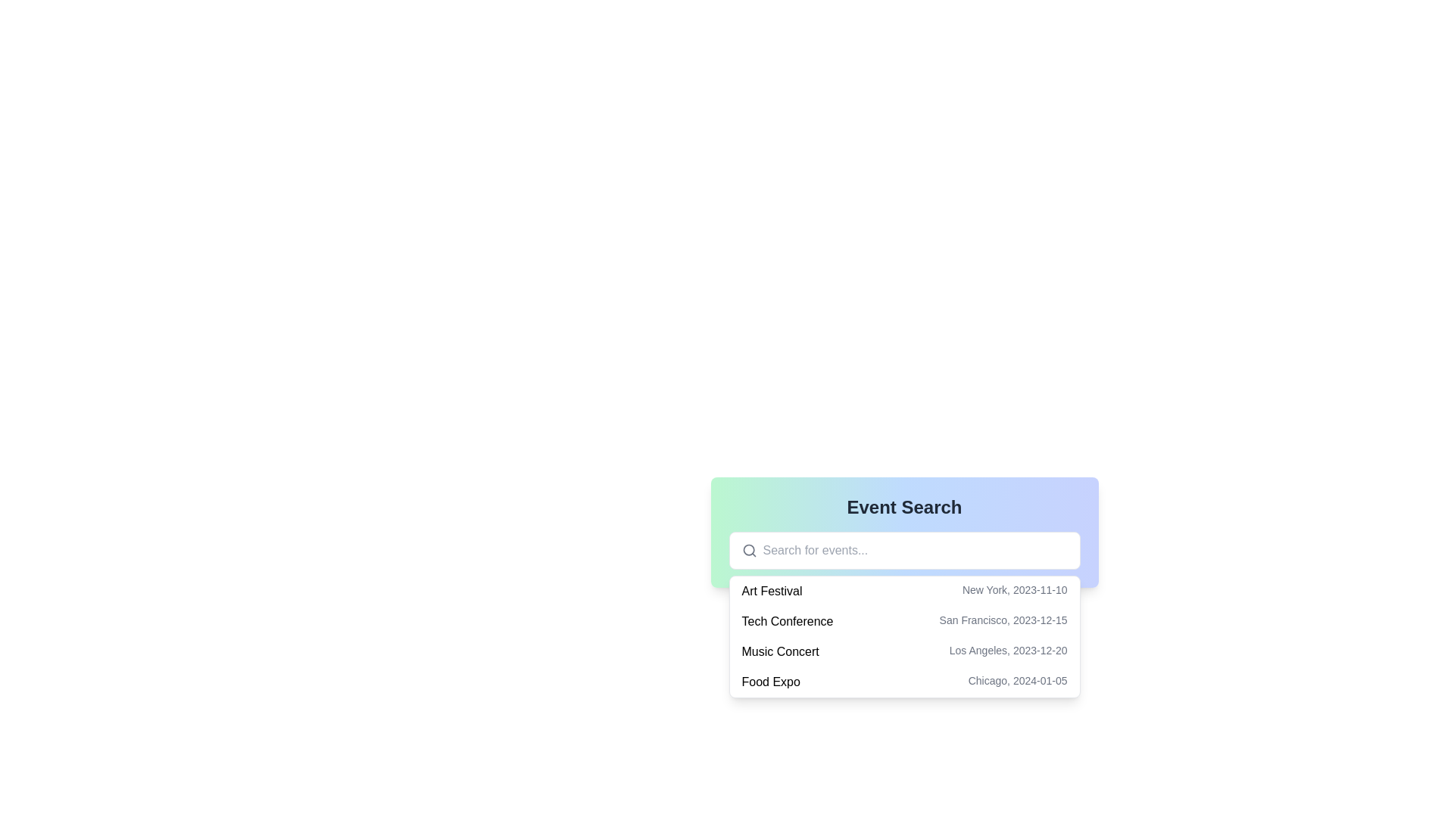  I want to click on the 'Food Expo' list item in the dropdown menu, which is the fourth item below 'Music Concert', featuring a bold title and a smaller gray subtitle, so click(904, 682).